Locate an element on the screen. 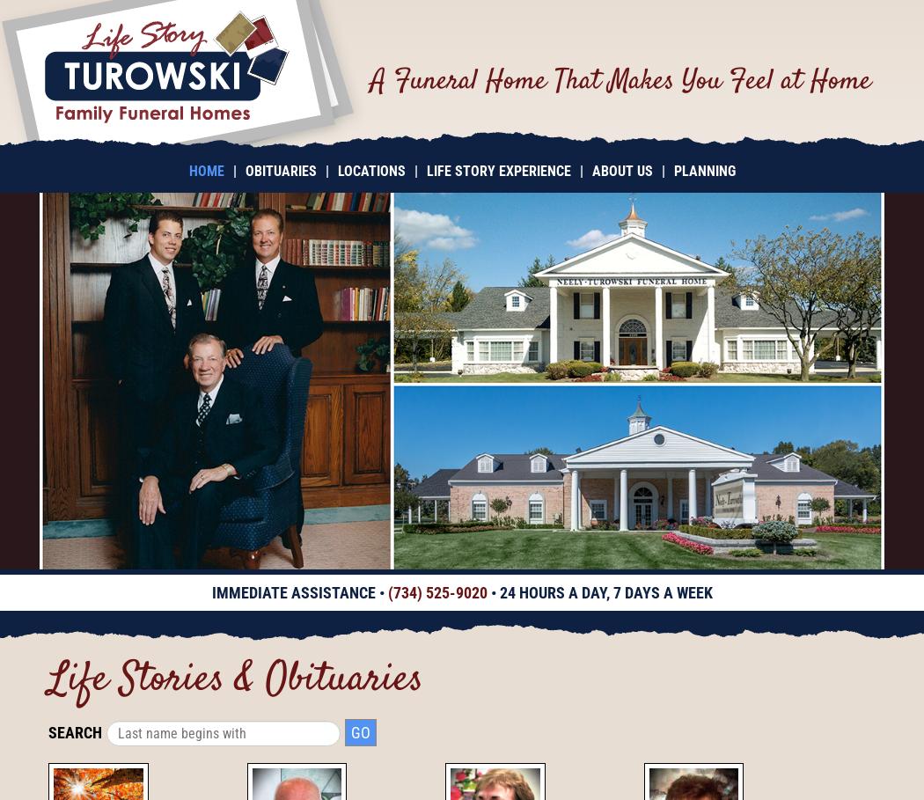 This screenshot has height=800, width=924. 'Obituaries' is located at coordinates (280, 171).